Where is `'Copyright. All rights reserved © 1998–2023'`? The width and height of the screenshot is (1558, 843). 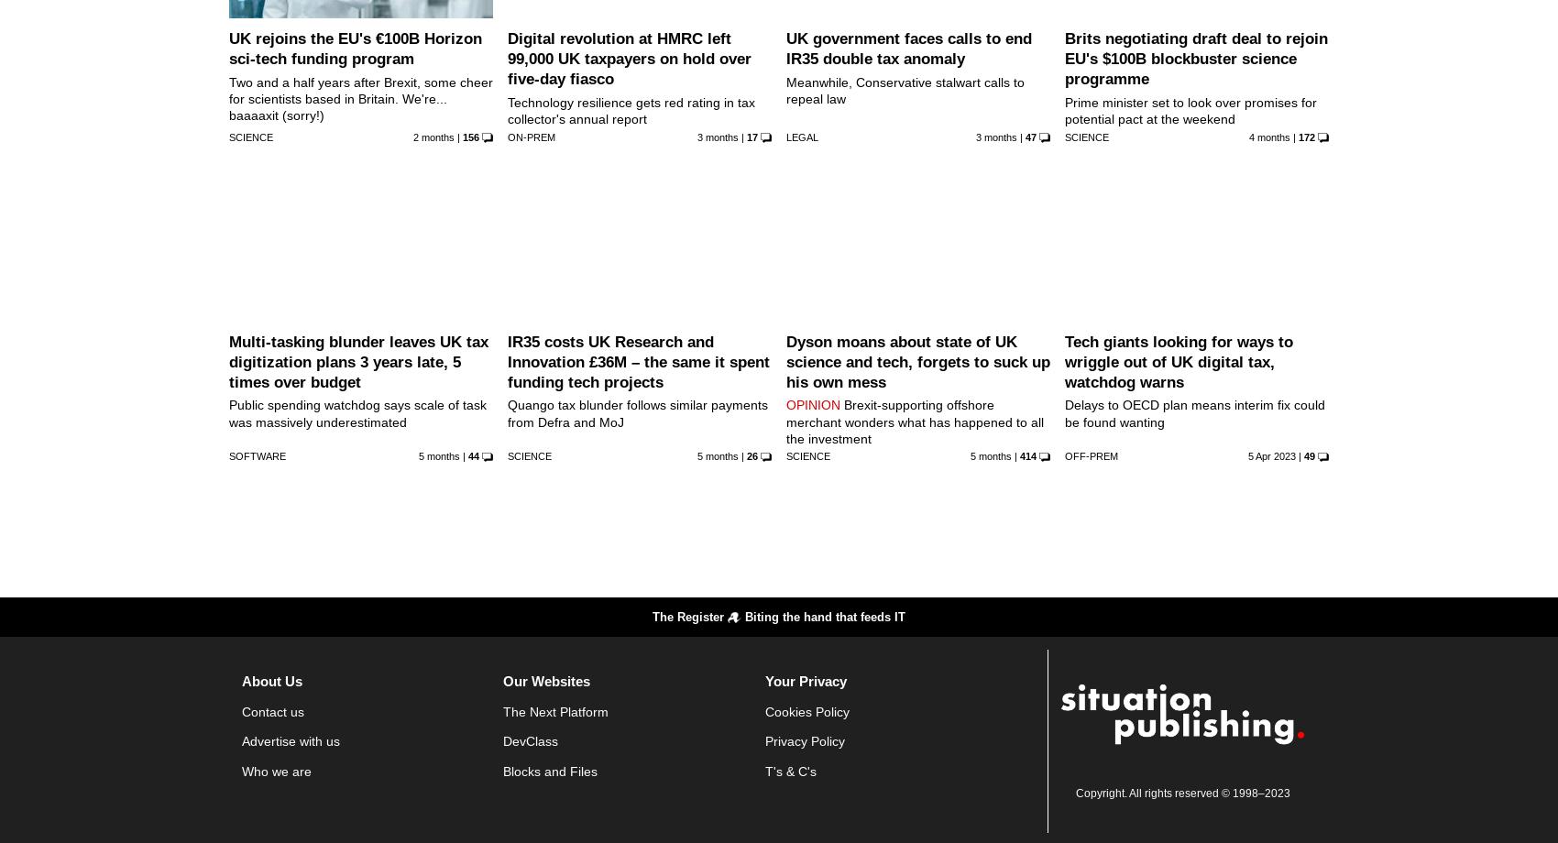 'Copyright. All rights reserved © 1998–2023' is located at coordinates (1181, 791).